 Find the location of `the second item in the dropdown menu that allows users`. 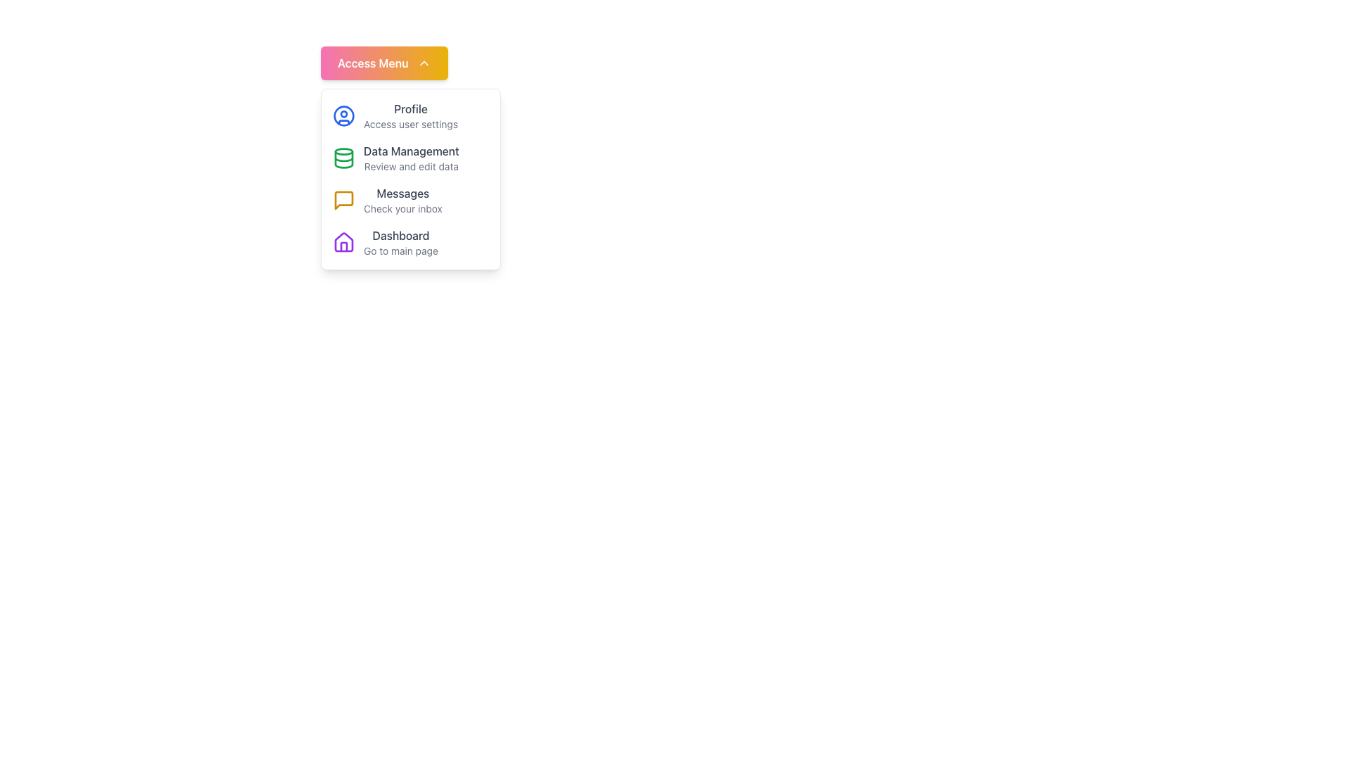

the second item in the dropdown menu that allows users is located at coordinates (410, 158).